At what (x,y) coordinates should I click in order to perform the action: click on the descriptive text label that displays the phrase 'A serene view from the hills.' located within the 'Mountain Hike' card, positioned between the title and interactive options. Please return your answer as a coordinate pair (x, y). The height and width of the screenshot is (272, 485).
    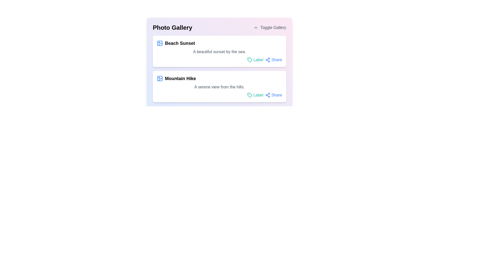
    Looking at the image, I should click on (219, 87).